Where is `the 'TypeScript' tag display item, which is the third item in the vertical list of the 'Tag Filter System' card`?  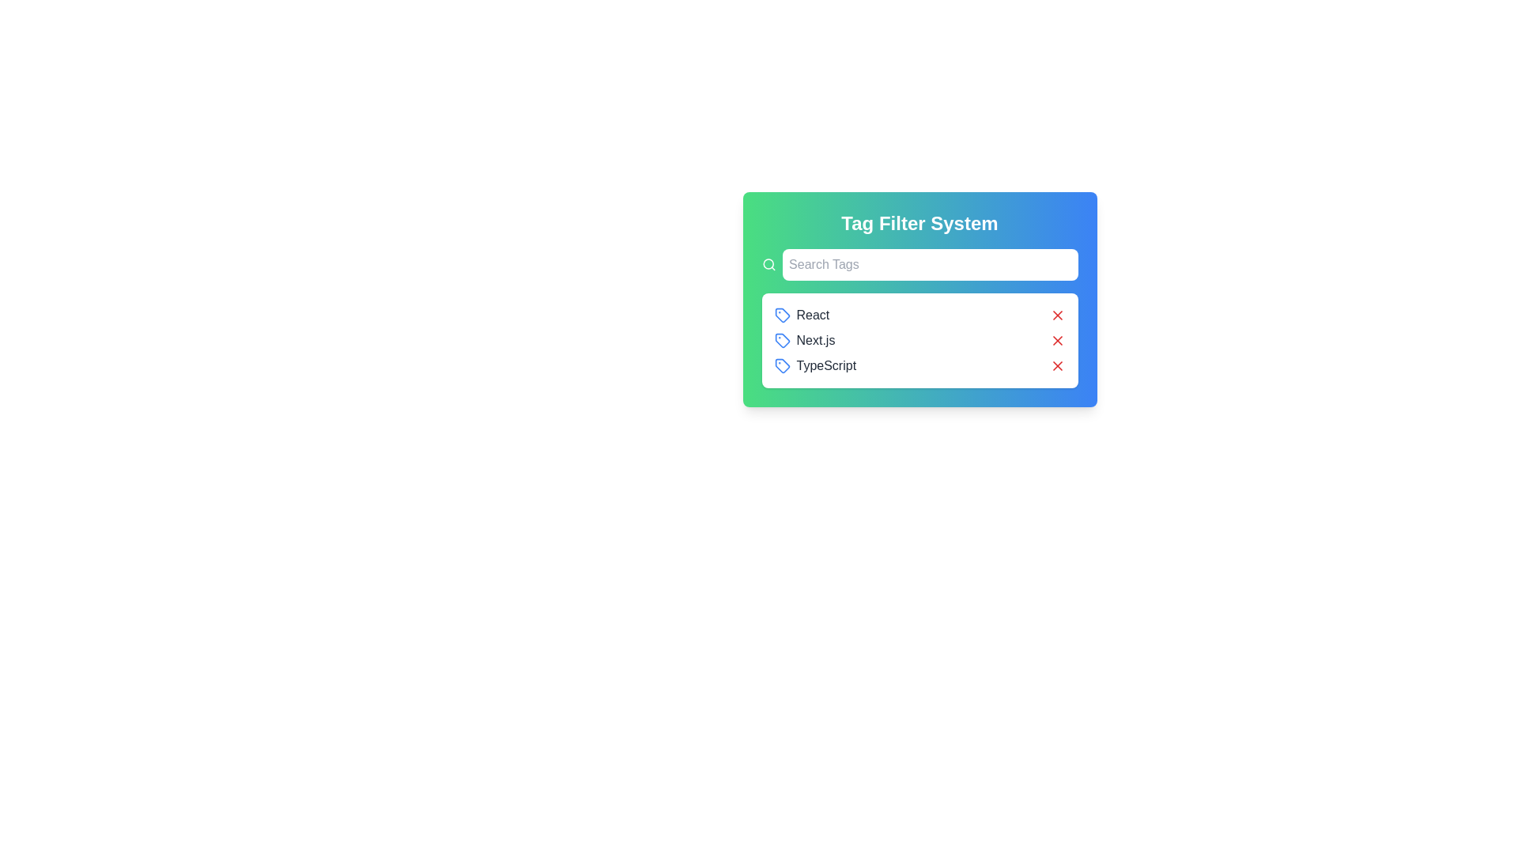 the 'TypeScript' tag display item, which is the third item in the vertical list of the 'Tag Filter System' card is located at coordinates (815, 365).